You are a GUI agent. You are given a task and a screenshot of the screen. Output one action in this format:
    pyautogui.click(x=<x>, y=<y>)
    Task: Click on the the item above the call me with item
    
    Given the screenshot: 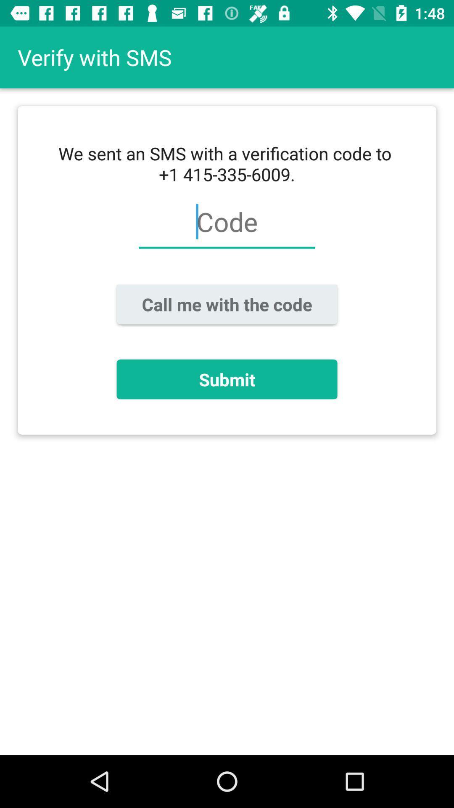 What is the action you would take?
    pyautogui.click(x=227, y=226)
    